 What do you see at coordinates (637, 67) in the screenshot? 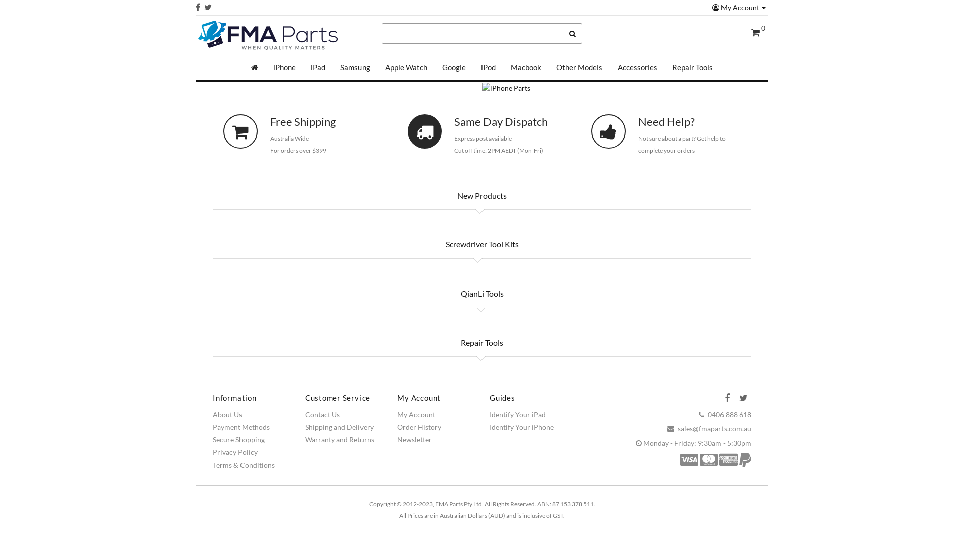
I see `'Accessories'` at bounding box center [637, 67].